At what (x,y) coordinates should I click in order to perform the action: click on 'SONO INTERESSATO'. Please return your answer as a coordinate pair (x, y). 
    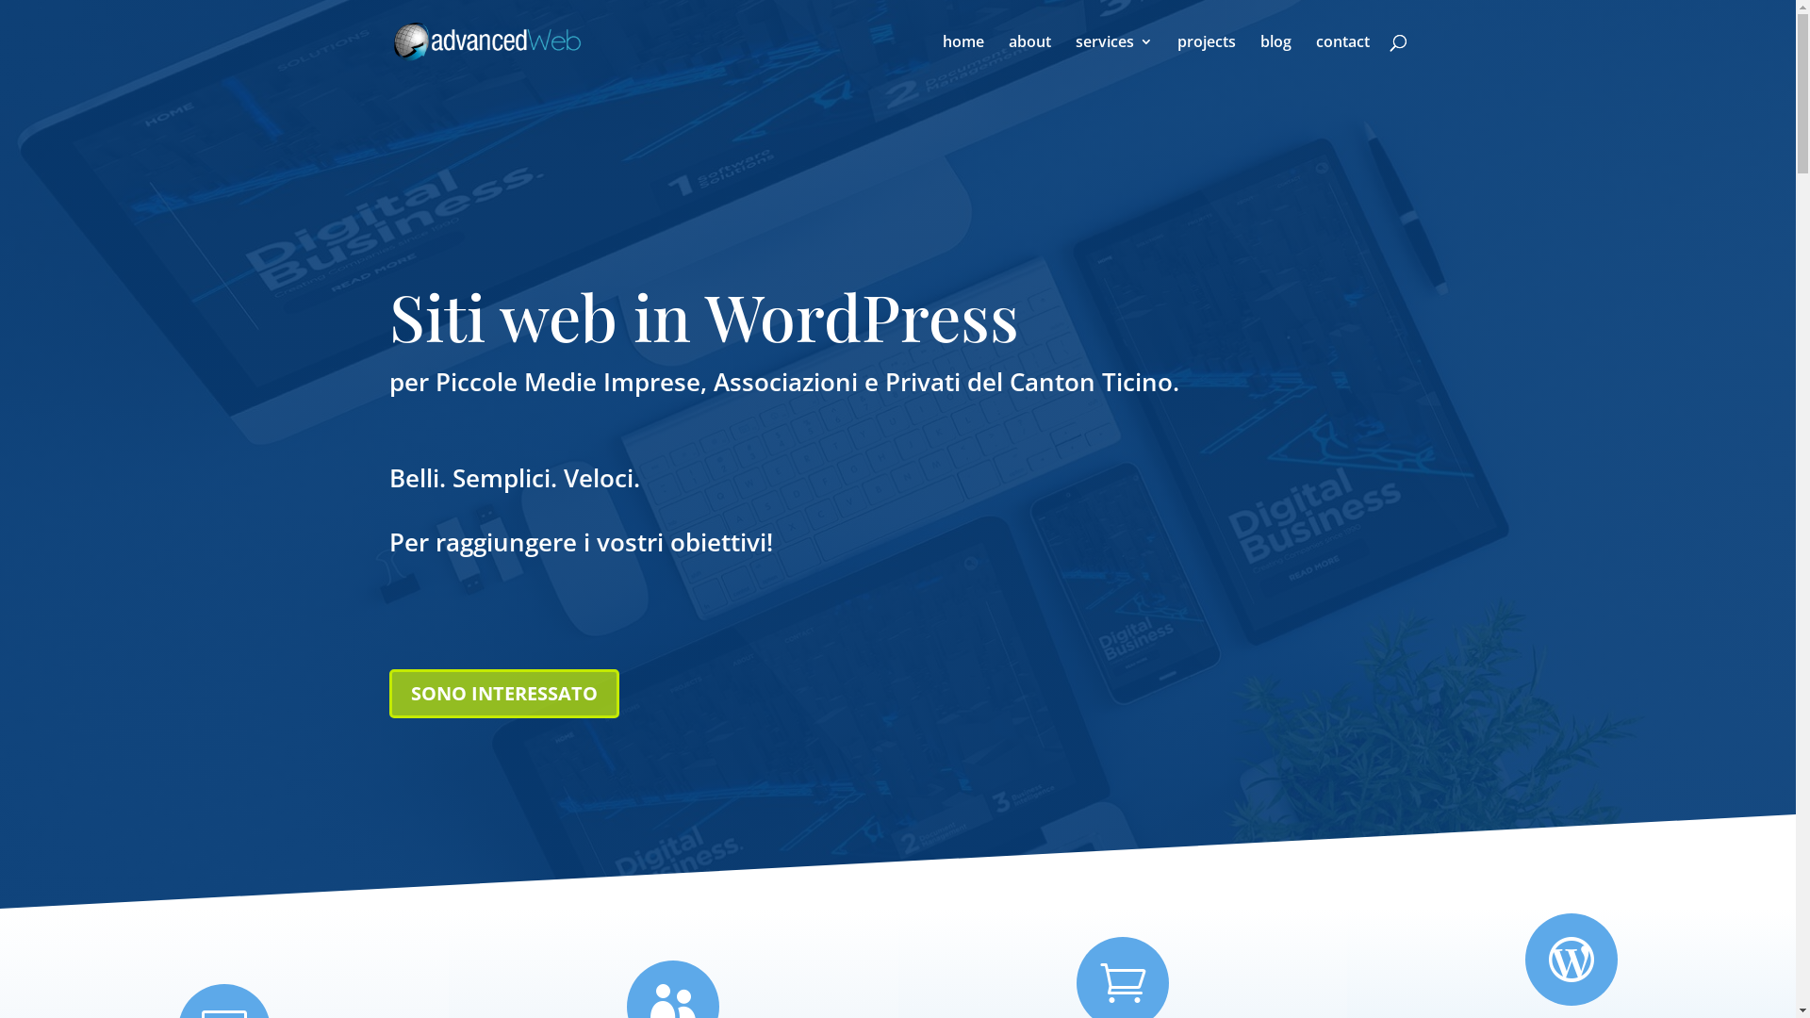
    Looking at the image, I should click on (387, 694).